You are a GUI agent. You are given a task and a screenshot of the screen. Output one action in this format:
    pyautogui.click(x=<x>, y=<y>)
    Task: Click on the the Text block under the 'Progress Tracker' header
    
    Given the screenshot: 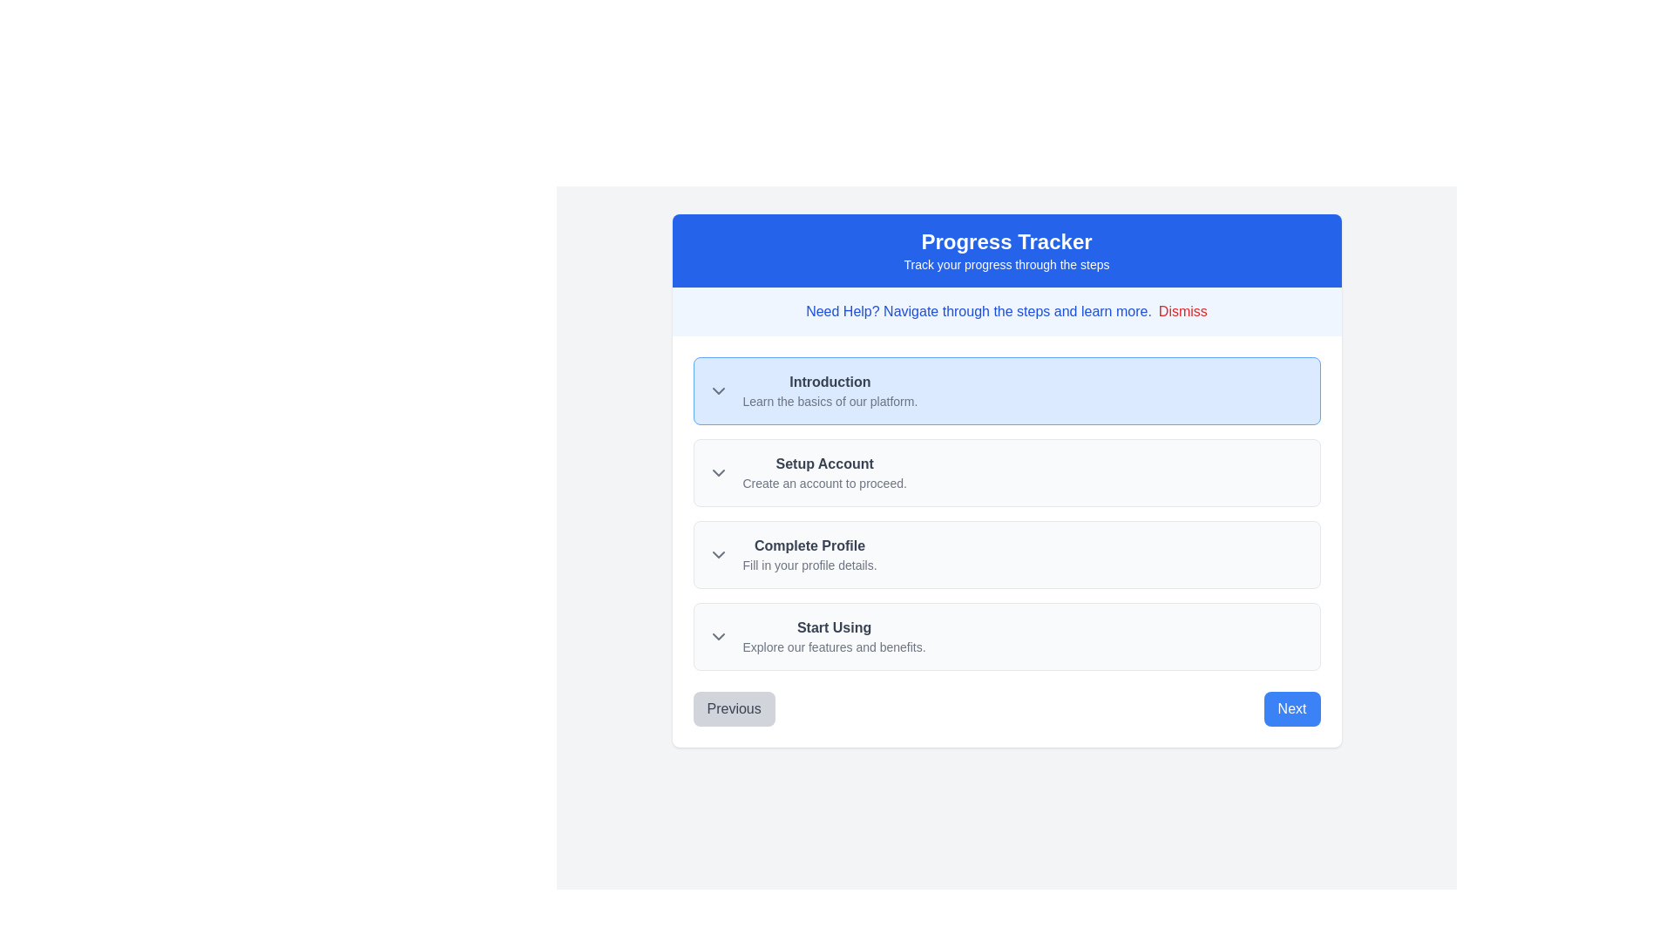 What is the action you would take?
    pyautogui.click(x=829, y=389)
    